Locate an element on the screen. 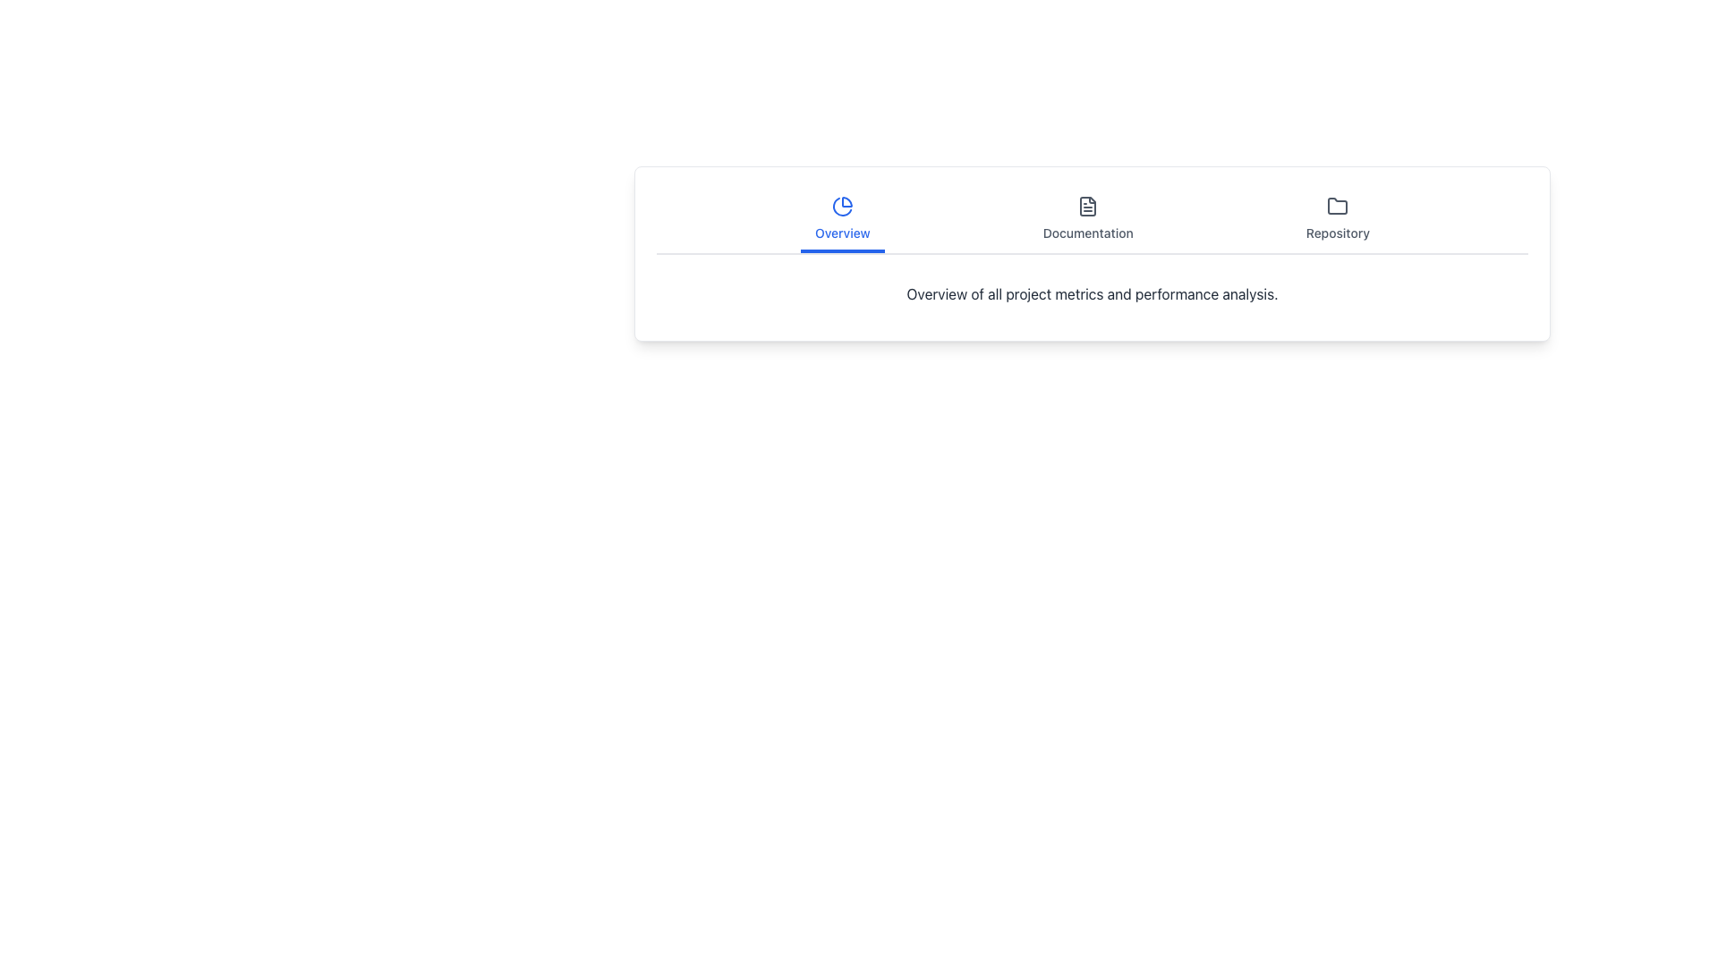 The image size is (1718, 966). the central navigation tab for 'Documentation' is located at coordinates (1091, 220).